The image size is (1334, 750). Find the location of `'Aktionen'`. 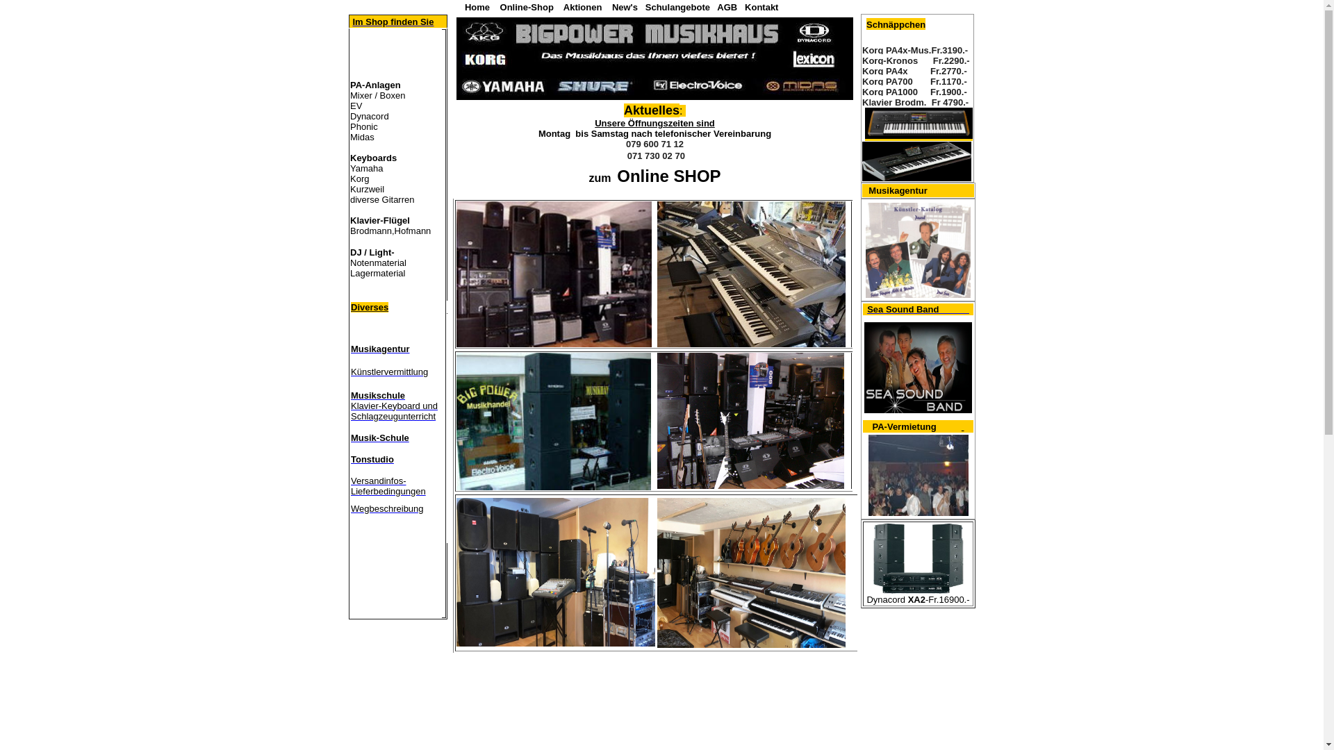

'Aktionen' is located at coordinates (583, 7).